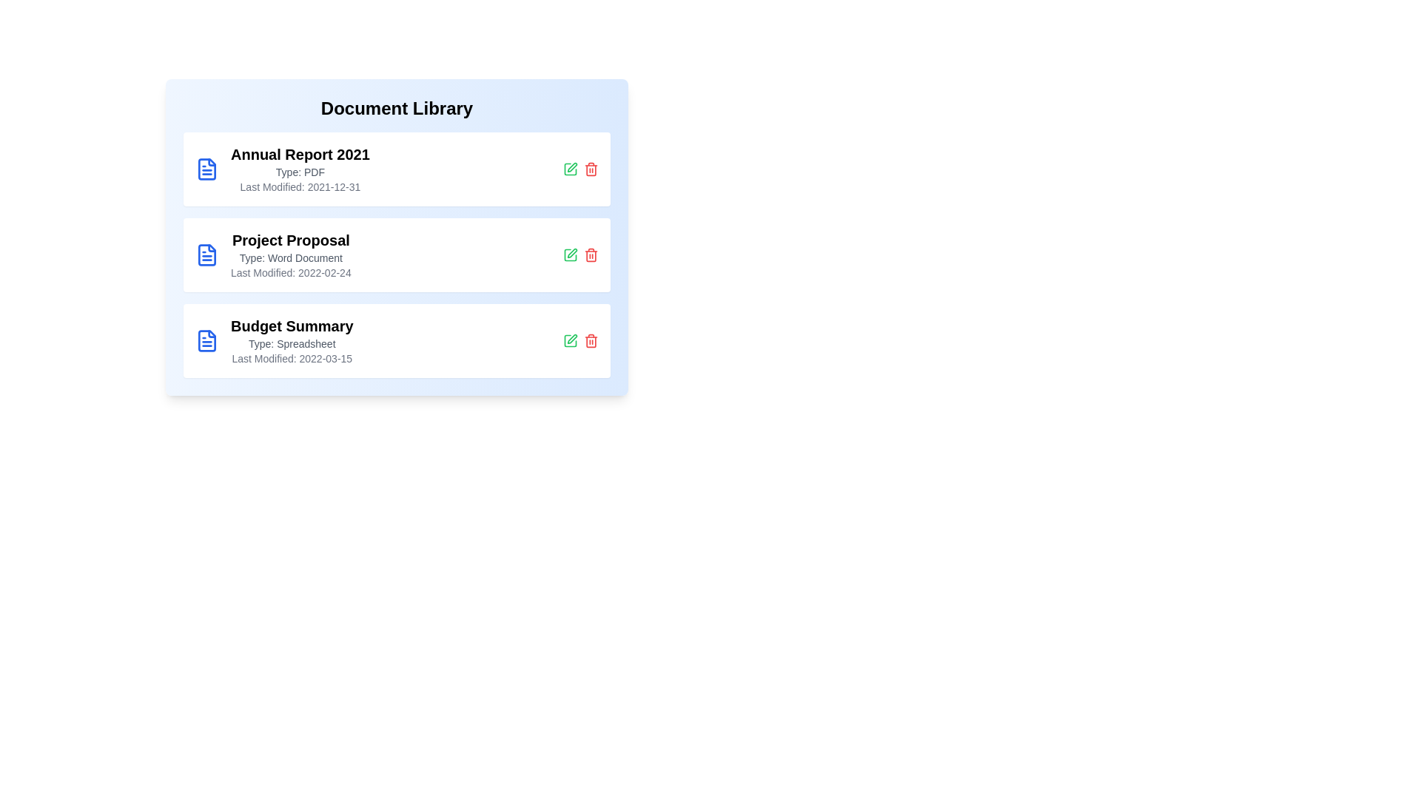 The height and width of the screenshot is (799, 1421). What do you see at coordinates (570, 341) in the screenshot?
I see `the edit button for the document titled 'Budget Summary'` at bounding box center [570, 341].